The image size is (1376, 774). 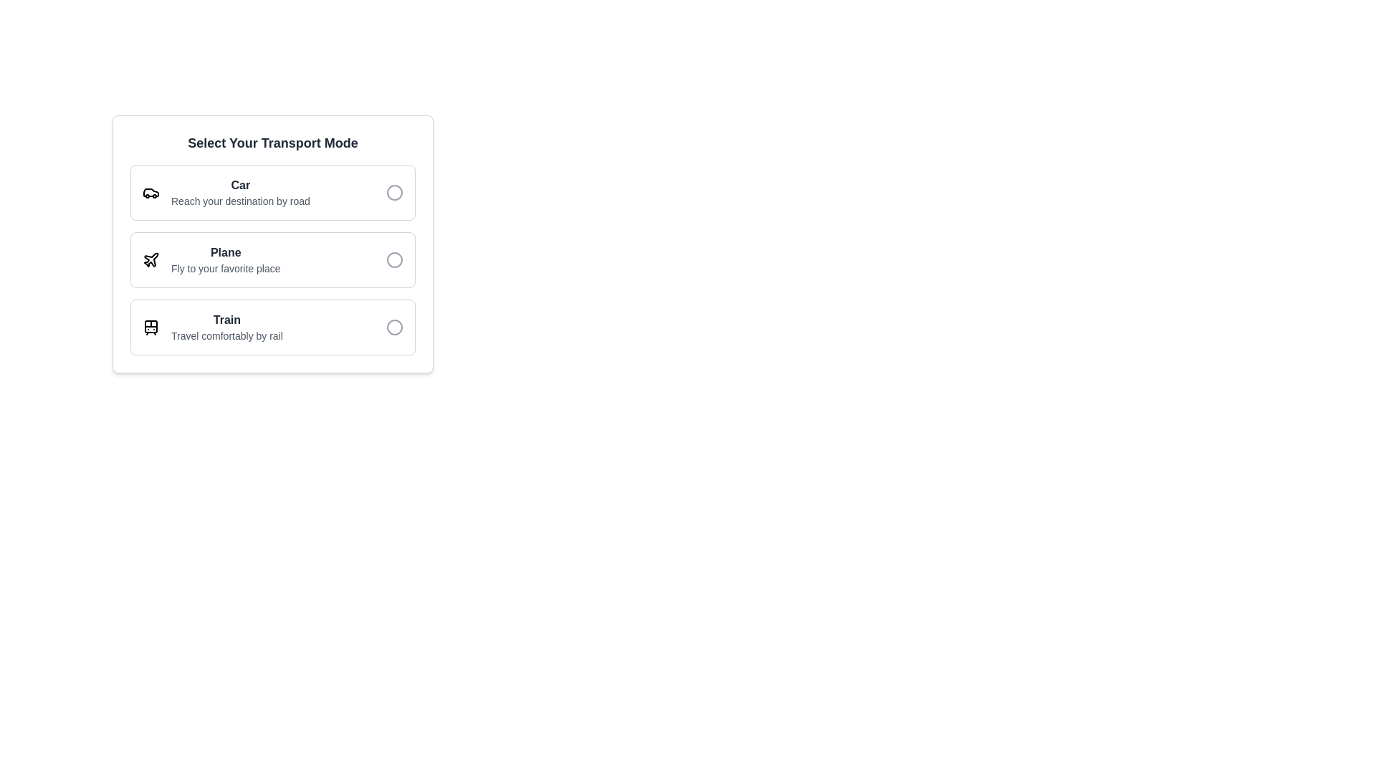 I want to click on the airplane icon, so click(x=151, y=259).